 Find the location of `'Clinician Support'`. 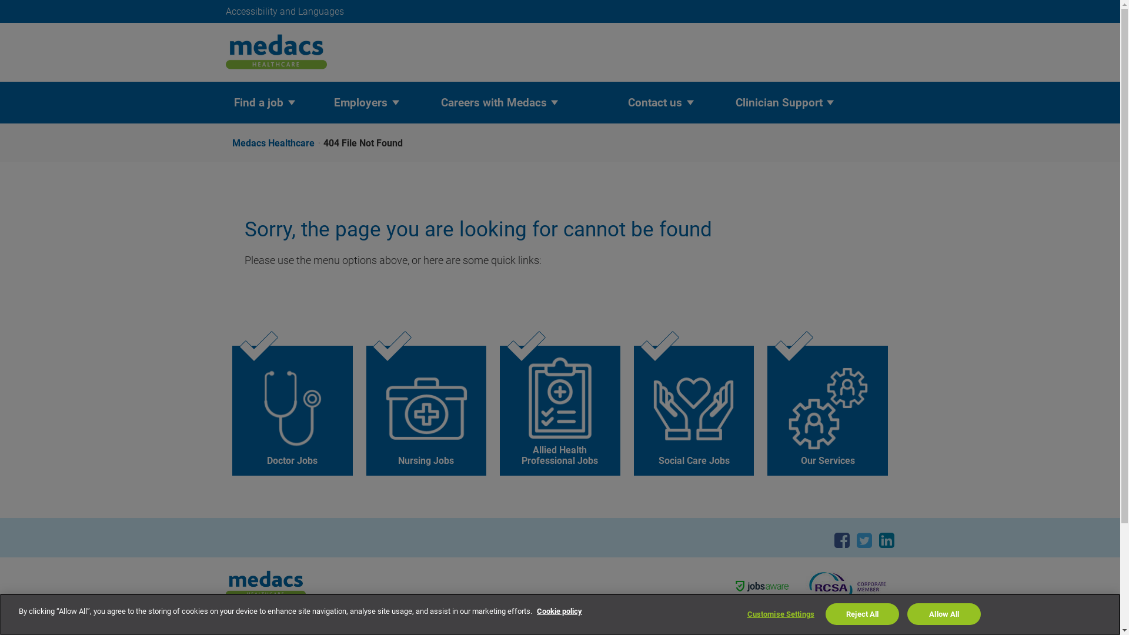

'Clinician Support' is located at coordinates (778, 102).